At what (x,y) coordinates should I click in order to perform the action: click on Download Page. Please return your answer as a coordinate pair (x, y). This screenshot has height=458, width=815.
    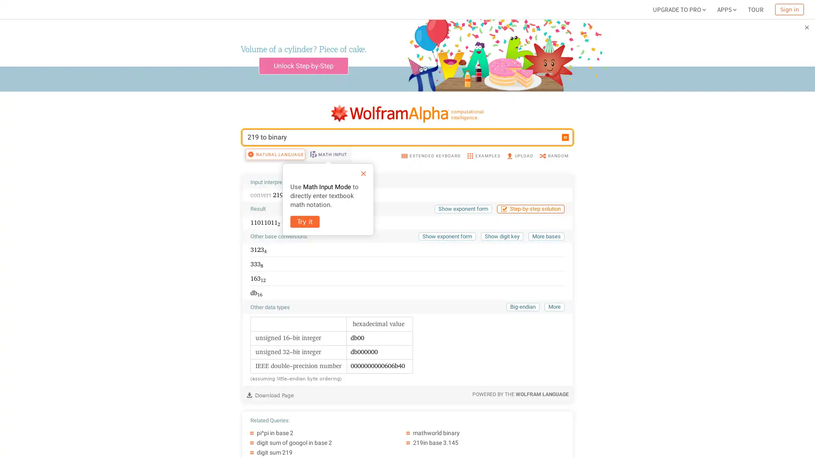
    Looking at the image, I should click on (269, 410).